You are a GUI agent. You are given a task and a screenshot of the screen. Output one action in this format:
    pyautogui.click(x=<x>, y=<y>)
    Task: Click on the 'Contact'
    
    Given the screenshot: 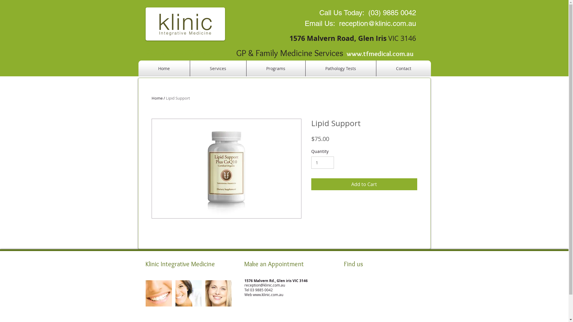 What is the action you would take?
    pyautogui.click(x=403, y=68)
    